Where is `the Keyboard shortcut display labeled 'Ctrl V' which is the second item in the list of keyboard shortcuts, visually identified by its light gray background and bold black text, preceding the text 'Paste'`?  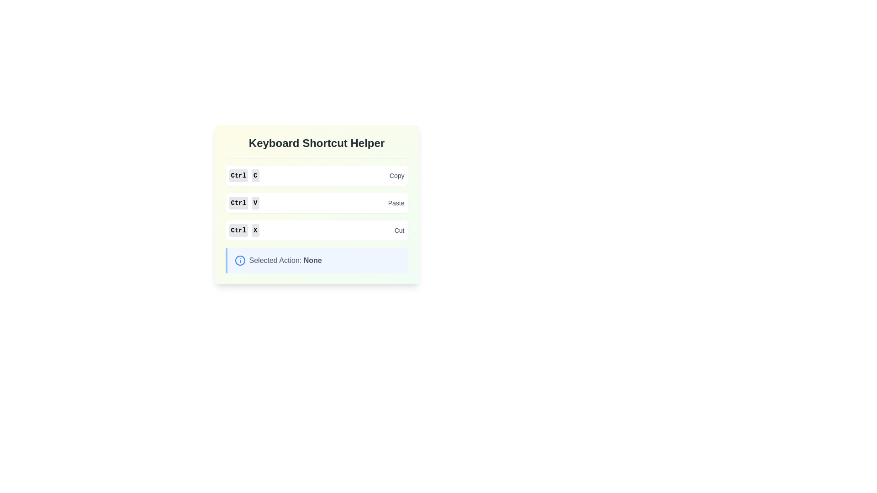
the Keyboard shortcut display labeled 'Ctrl V' which is the second item in the list of keyboard shortcuts, visually identified by its light gray background and bold black text, preceding the text 'Paste' is located at coordinates (244, 202).